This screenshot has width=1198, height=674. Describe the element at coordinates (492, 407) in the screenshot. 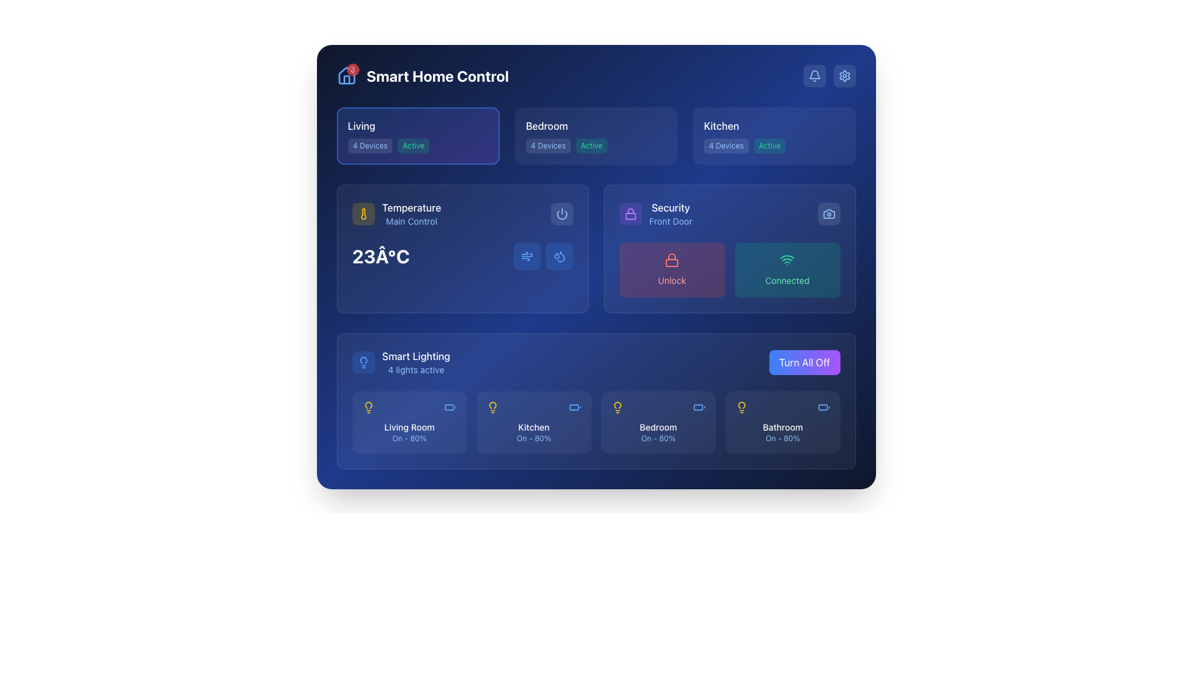

I see `the lighting control icon for the 'Kitchen' located in the 'Smart Lighting' section above the 'Kitchen' label` at that location.